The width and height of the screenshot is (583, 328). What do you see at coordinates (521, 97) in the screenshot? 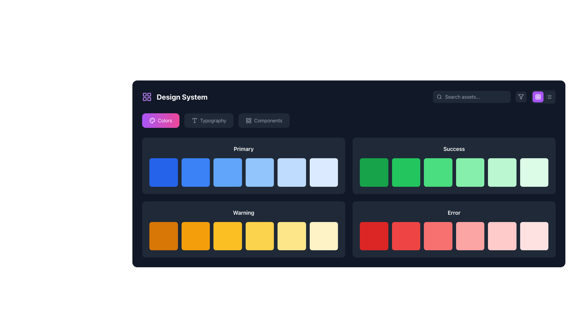
I see `the stylized filter icon button, which is a funnel shape outlined in gray and located` at bounding box center [521, 97].